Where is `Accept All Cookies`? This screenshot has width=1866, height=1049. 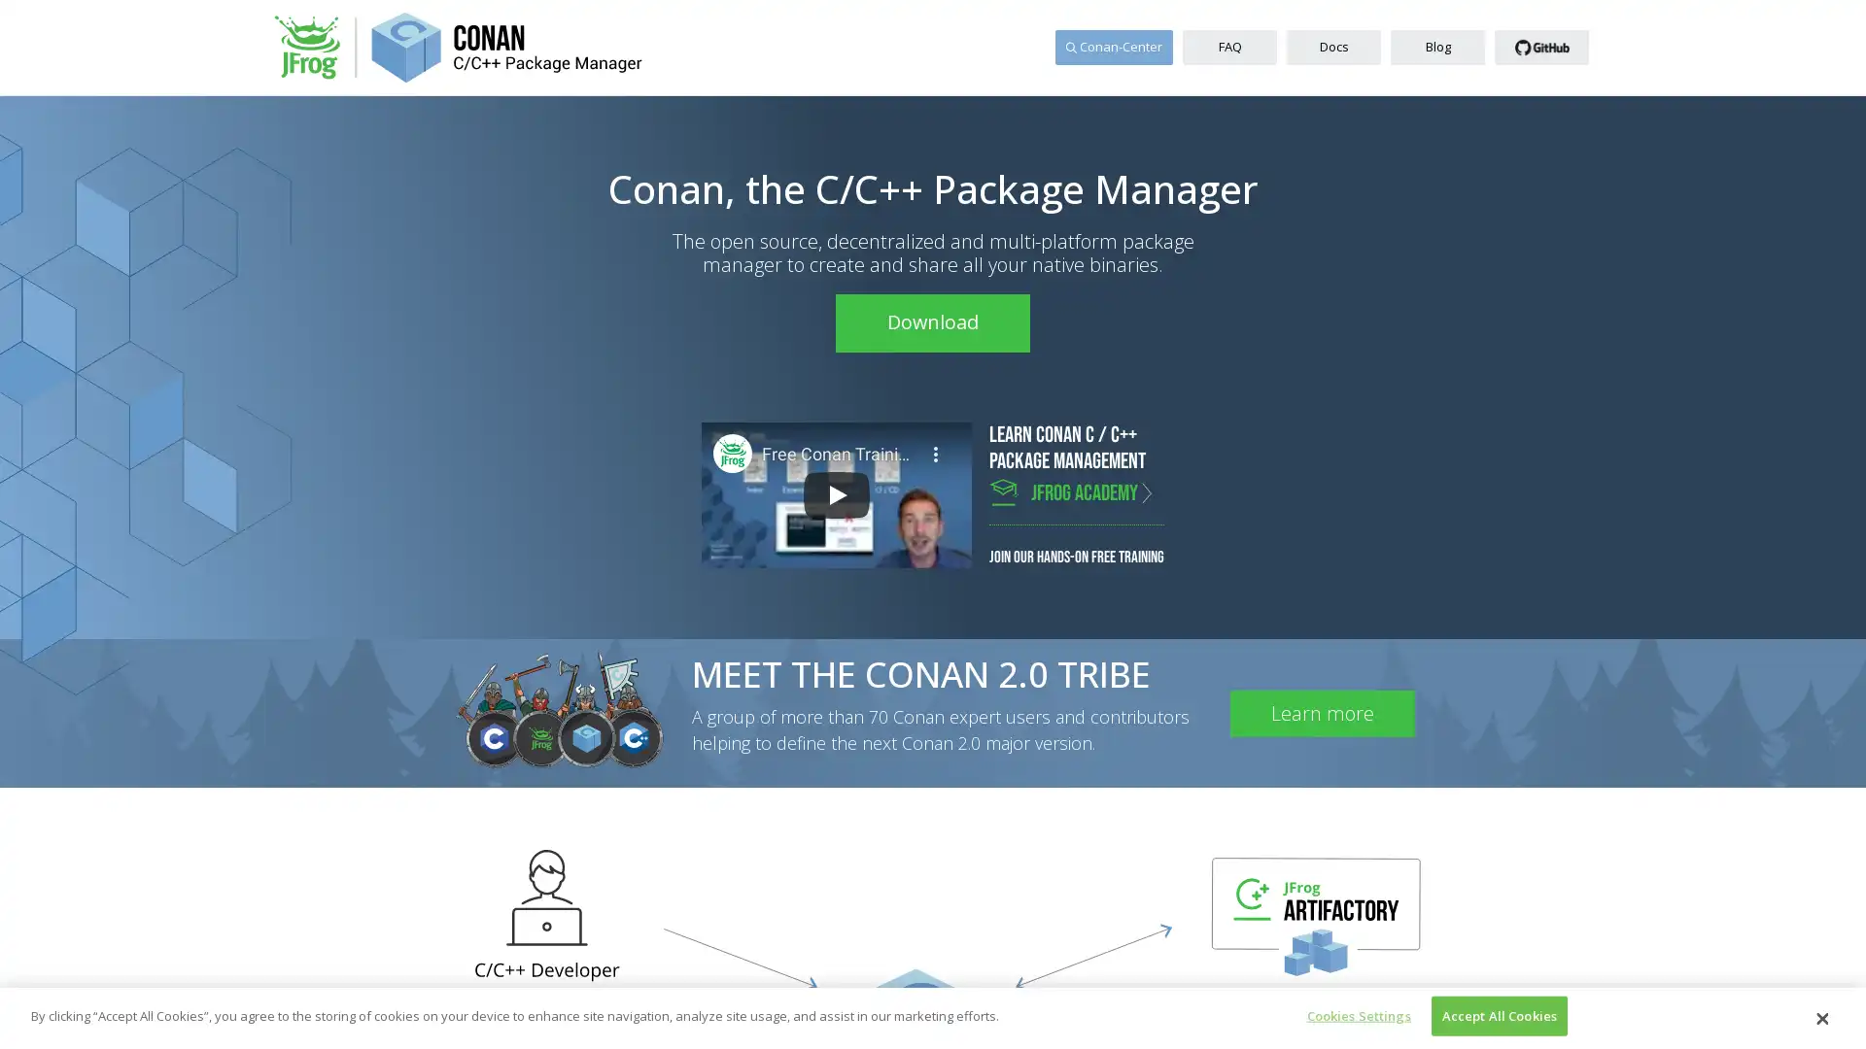 Accept All Cookies is located at coordinates (1498, 1014).